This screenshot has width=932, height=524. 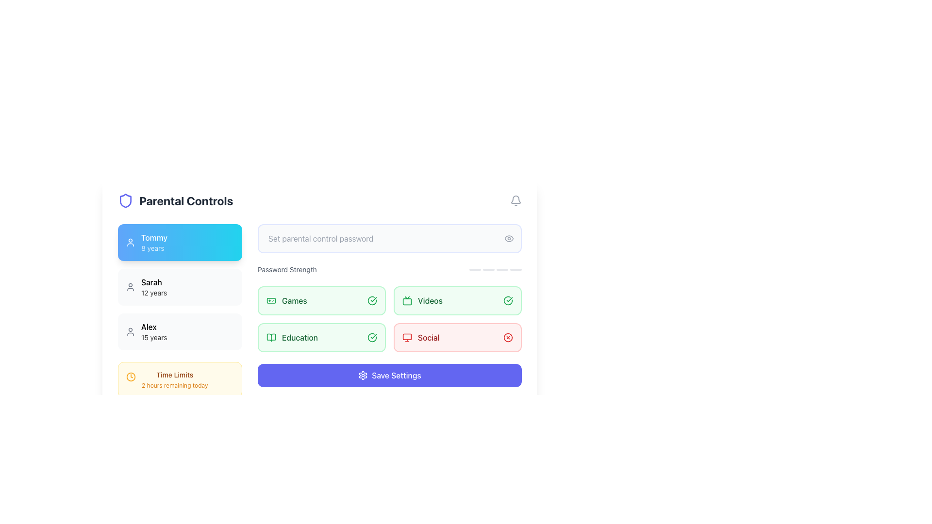 What do you see at coordinates (407, 337) in the screenshot?
I see `the 'Social' icon (svg) located to the left of the 'Social' label within the 'Password Strength' section in the lower right quadrant of the interface` at bounding box center [407, 337].